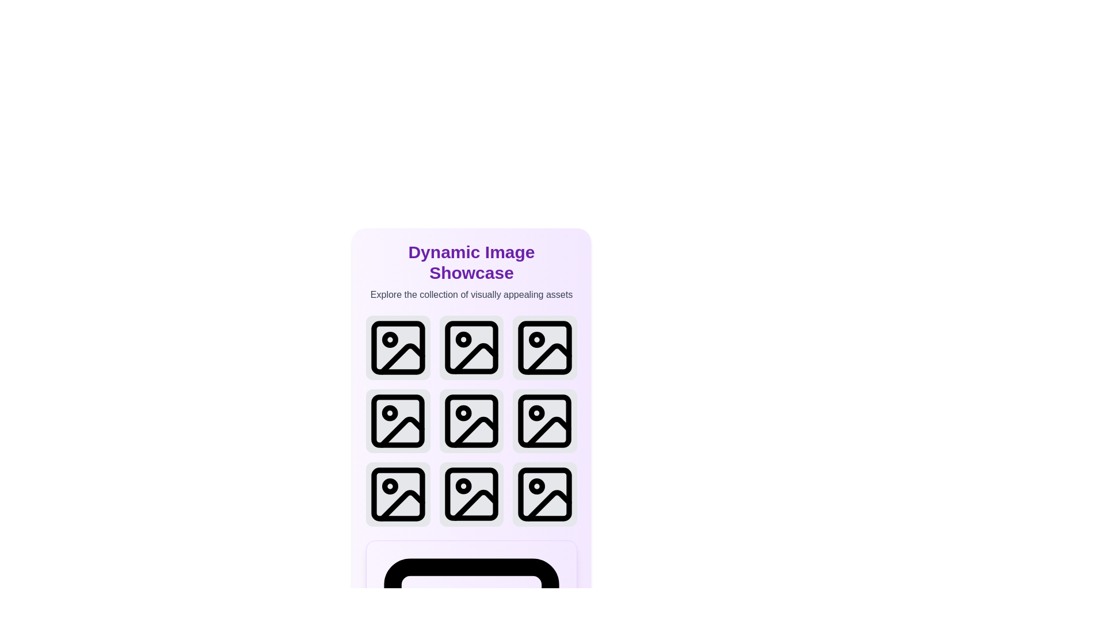 The height and width of the screenshot is (621, 1105). What do you see at coordinates (536, 339) in the screenshot?
I see `the Circle SVG element located in the second row, third column of a grid of placeholder images` at bounding box center [536, 339].